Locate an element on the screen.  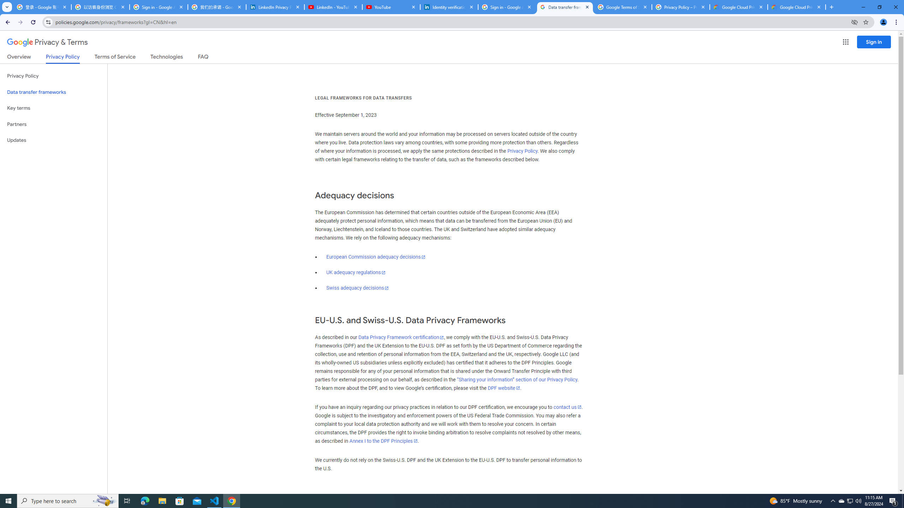
'Google Cloud Privacy Notice' is located at coordinates (738, 7).